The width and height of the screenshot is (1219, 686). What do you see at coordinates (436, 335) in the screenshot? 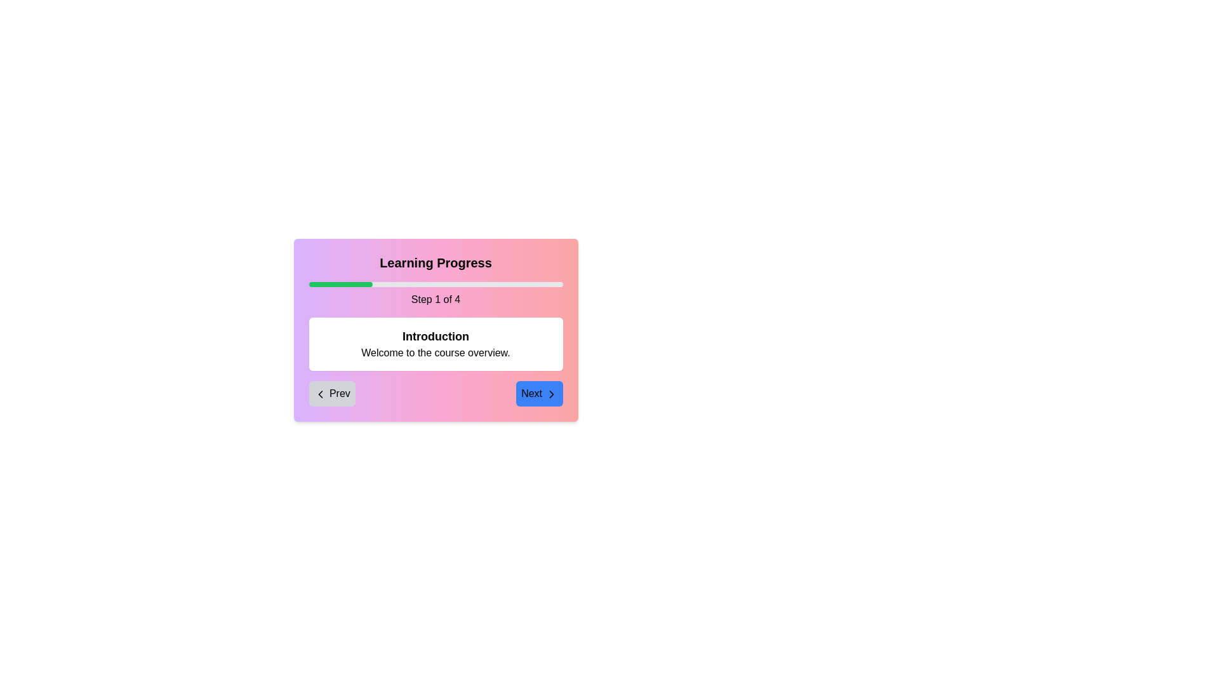
I see `heading text that serves as a title within a card-like component, positioned above the text 'Welcome to the course overview.'` at bounding box center [436, 335].